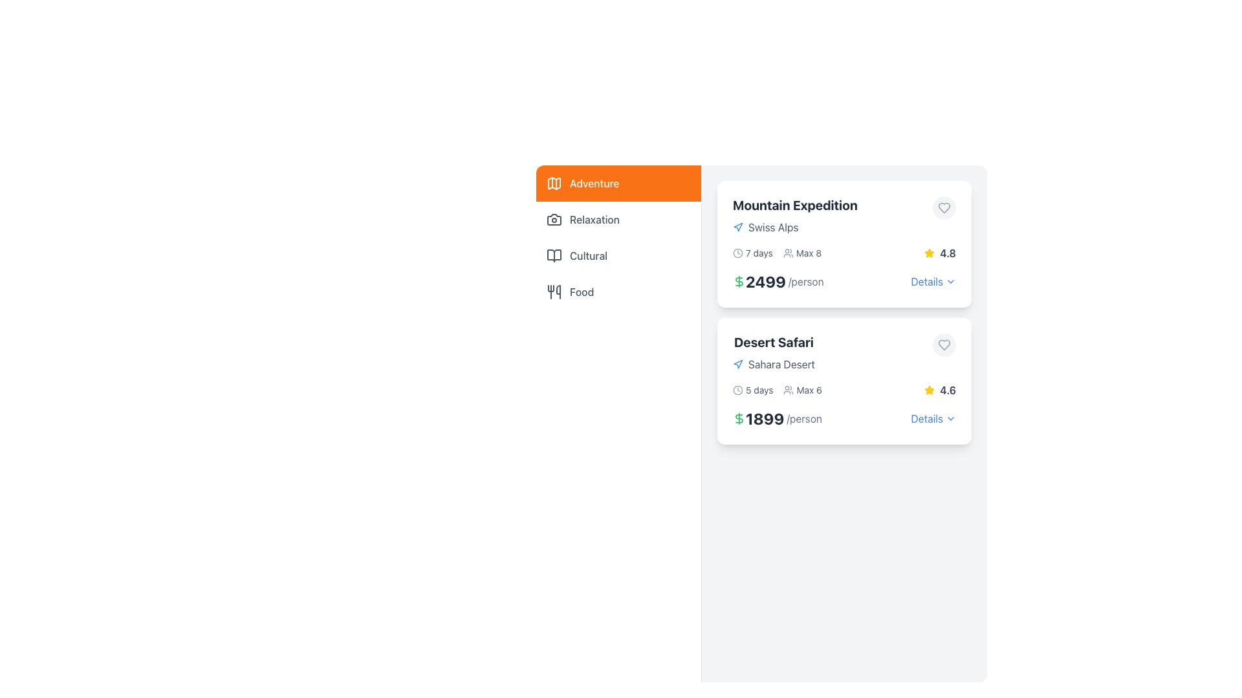  I want to click on the blue compass pointer icon located to the left of the 'Swiss Alps' text in the 'Mountain Expedition' card, so click(738, 226).